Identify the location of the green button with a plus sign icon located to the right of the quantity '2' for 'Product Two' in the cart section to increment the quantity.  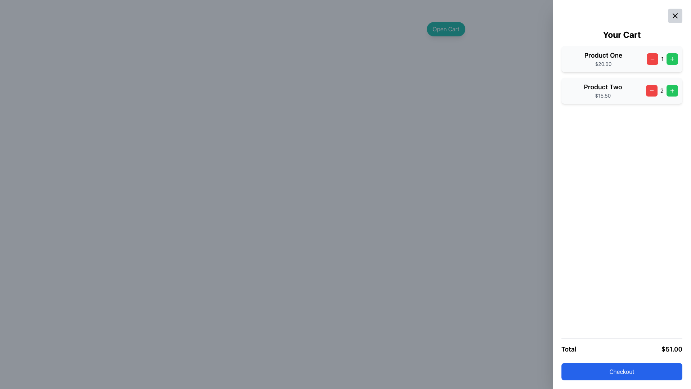
(672, 90).